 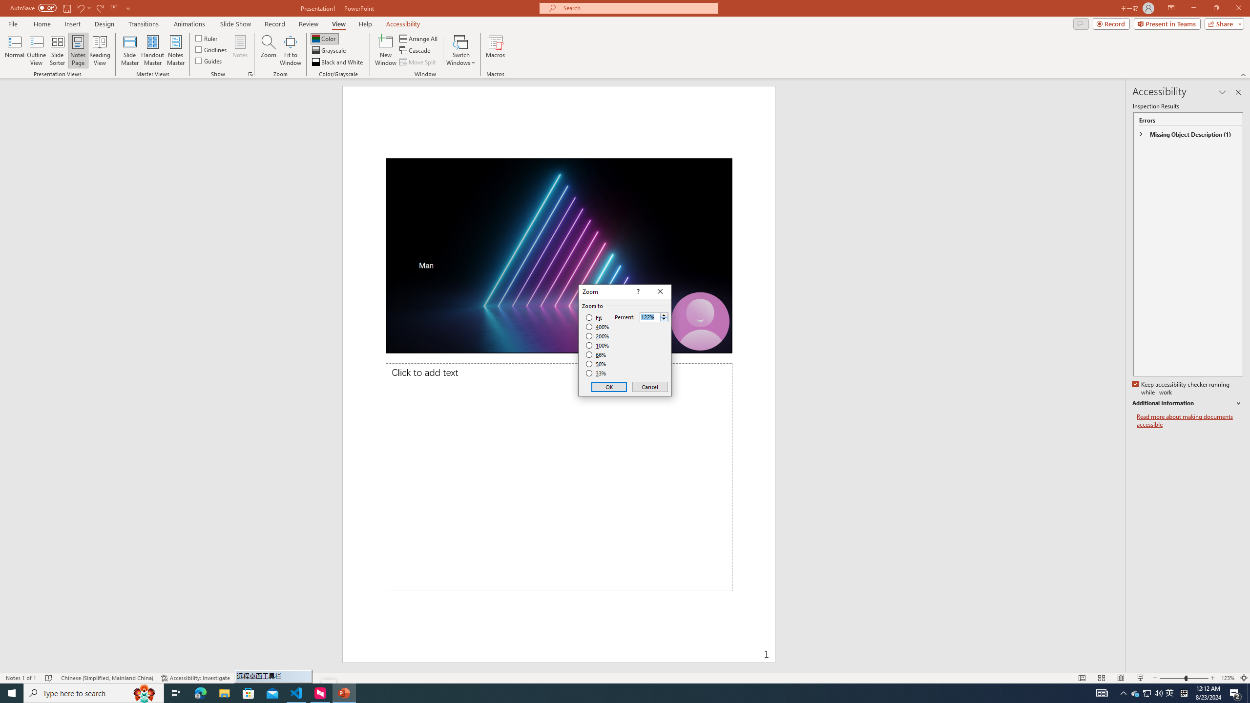 What do you see at coordinates (654, 316) in the screenshot?
I see `'Percent'` at bounding box center [654, 316].